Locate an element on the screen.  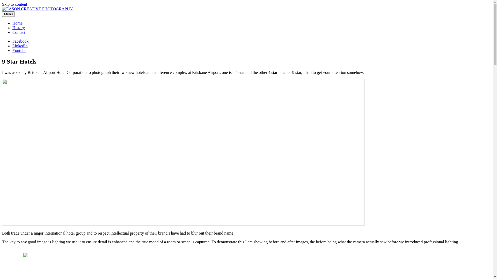
'Facebook' is located at coordinates (20, 41).